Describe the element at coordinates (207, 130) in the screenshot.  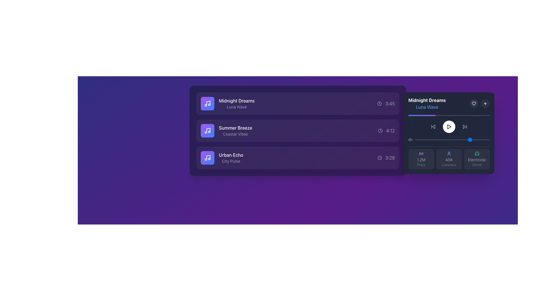
I see `the square icon with rounded corners featuring a gradient background from purple to blue and a white musical note, located to the left of the 'Summer Breeze' text` at that location.